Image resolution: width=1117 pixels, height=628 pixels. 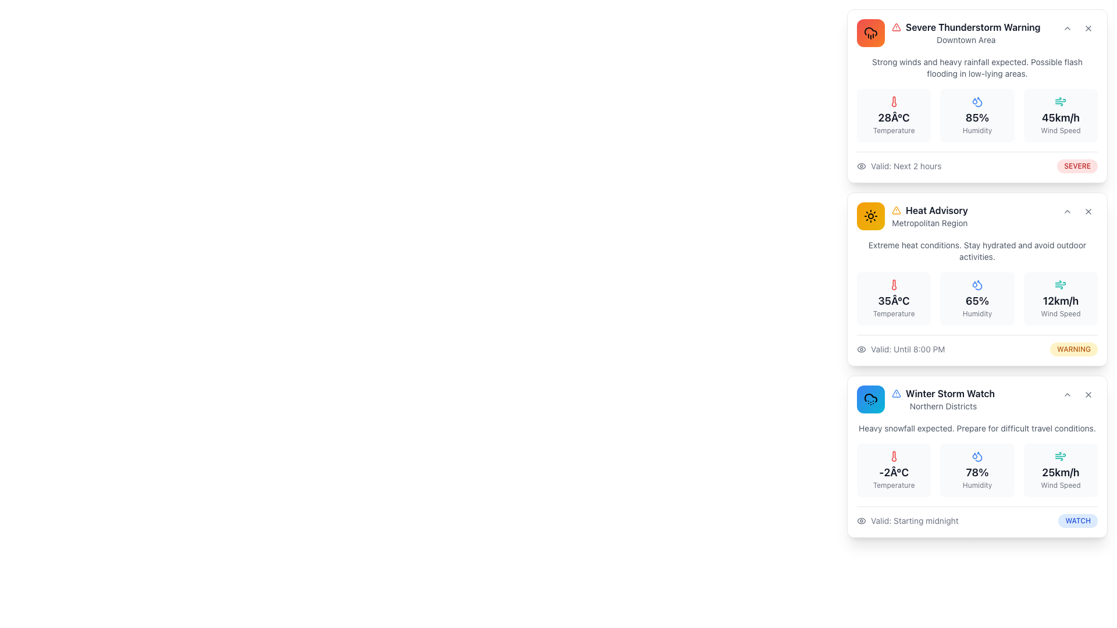 What do you see at coordinates (948, 33) in the screenshot?
I see `the 'Severe Thunderstorm Warning' alert card located at the top of the warning sections by clicking on it` at bounding box center [948, 33].